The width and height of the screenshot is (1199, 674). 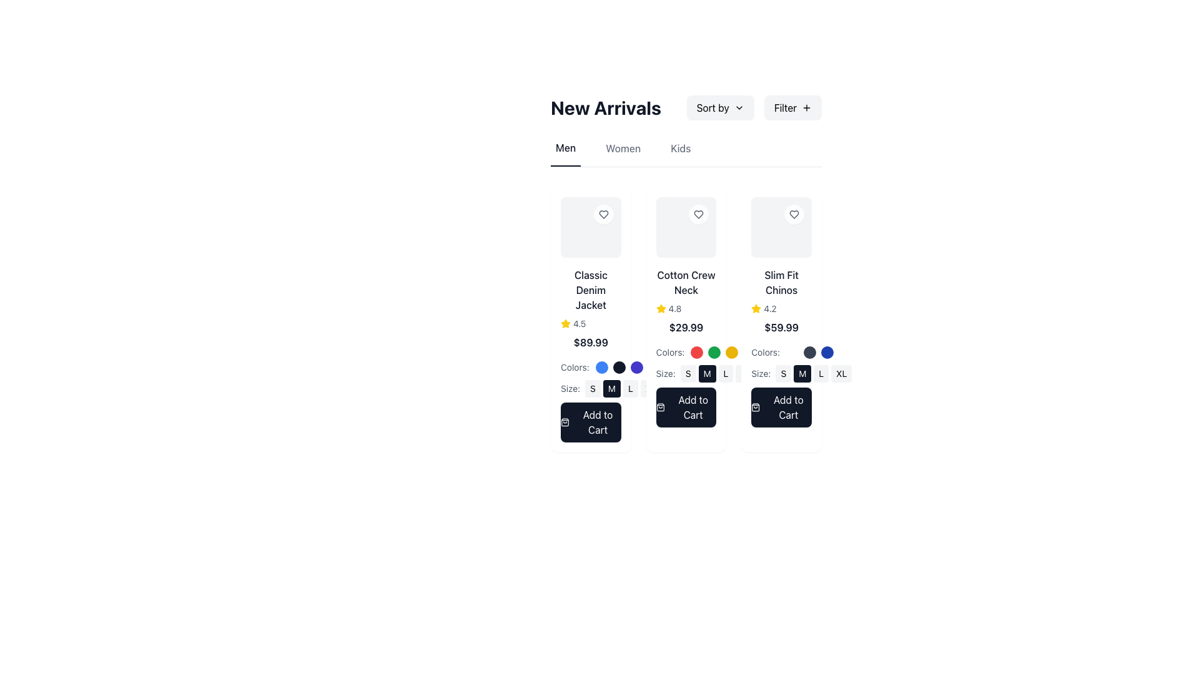 I want to click on the 'Add to Cart' button for the 'Classic Denim Jacket' located at the bottom of the product options, so click(x=590, y=421).